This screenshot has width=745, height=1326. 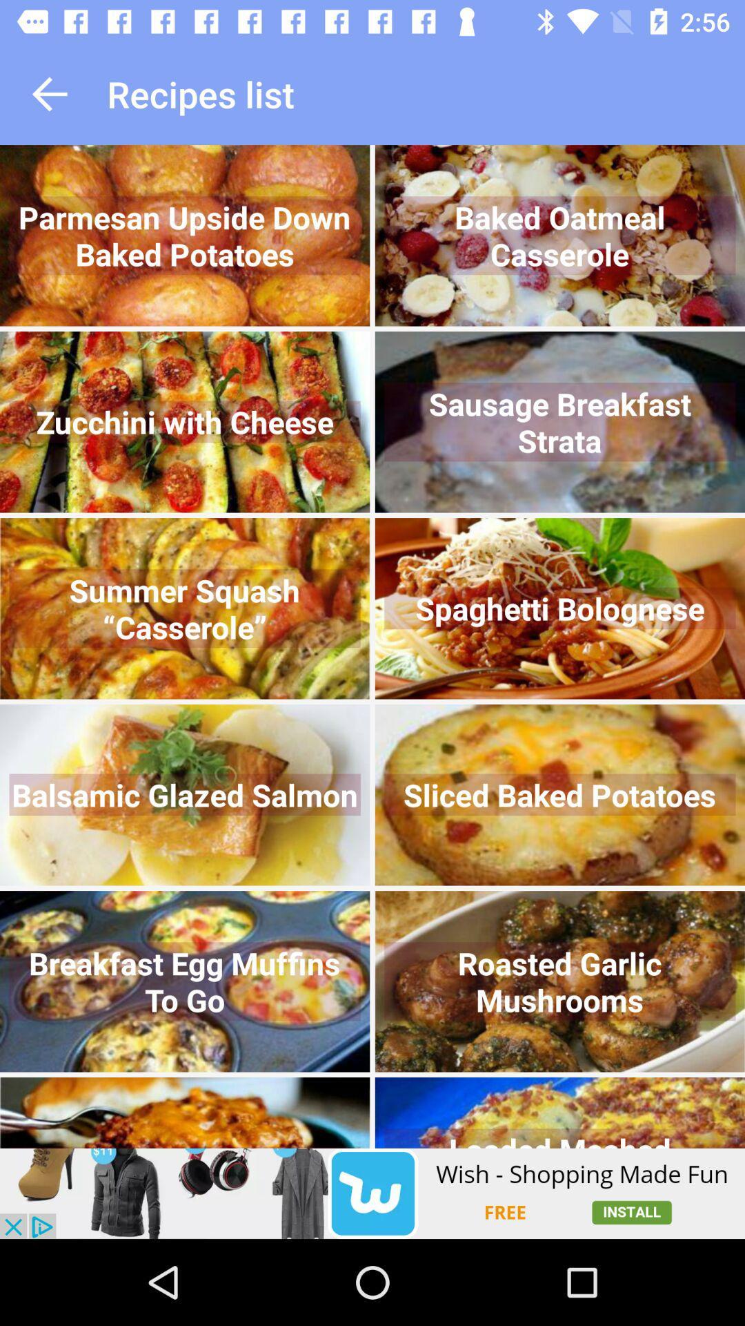 I want to click on click on wish advertisement, so click(x=372, y=1193).